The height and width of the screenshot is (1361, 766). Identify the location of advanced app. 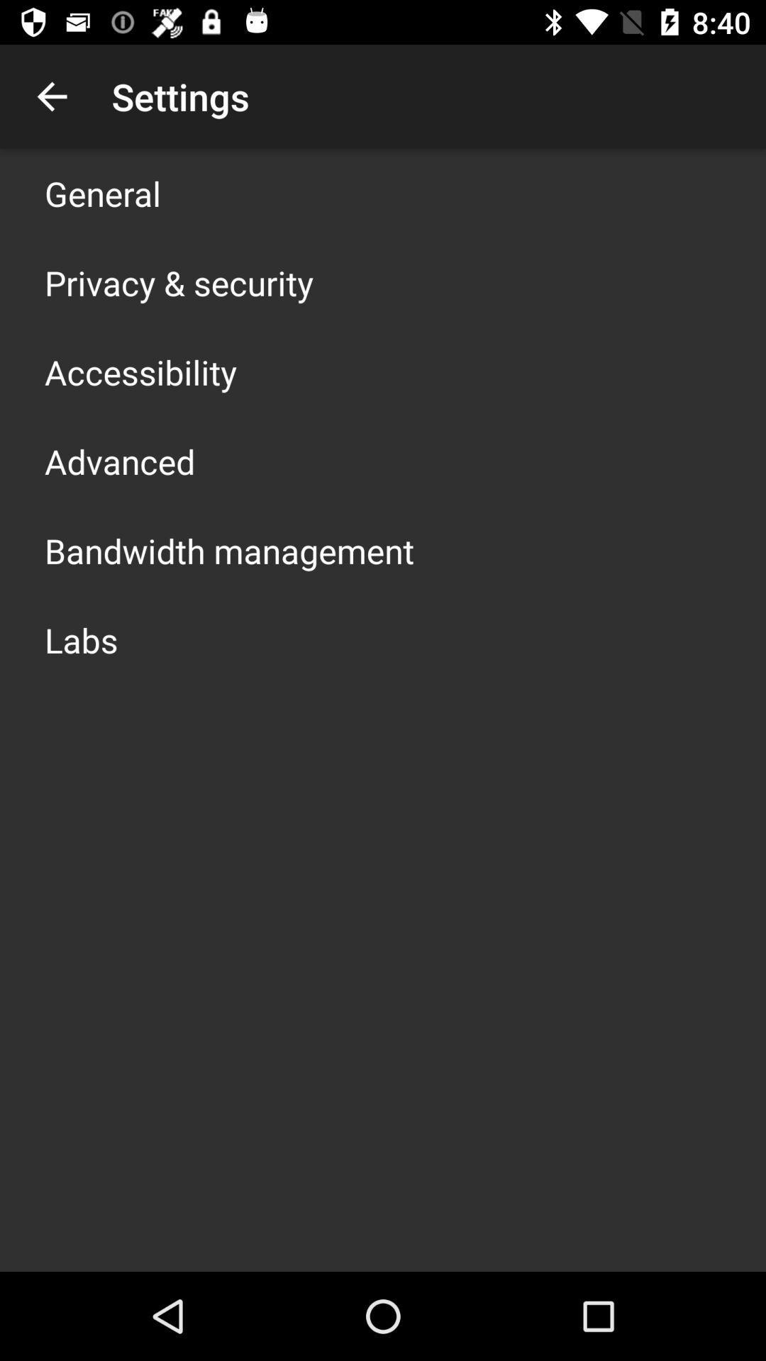
(119, 461).